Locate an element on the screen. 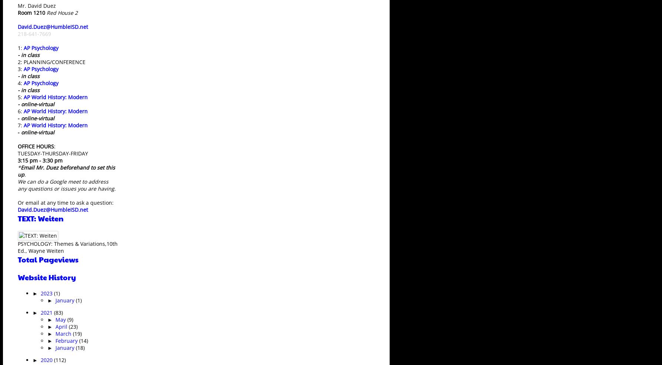 Image resolution: width=662 pixels, height=365 pixels. 'Room 1210' is located at coordinates (31, 12).